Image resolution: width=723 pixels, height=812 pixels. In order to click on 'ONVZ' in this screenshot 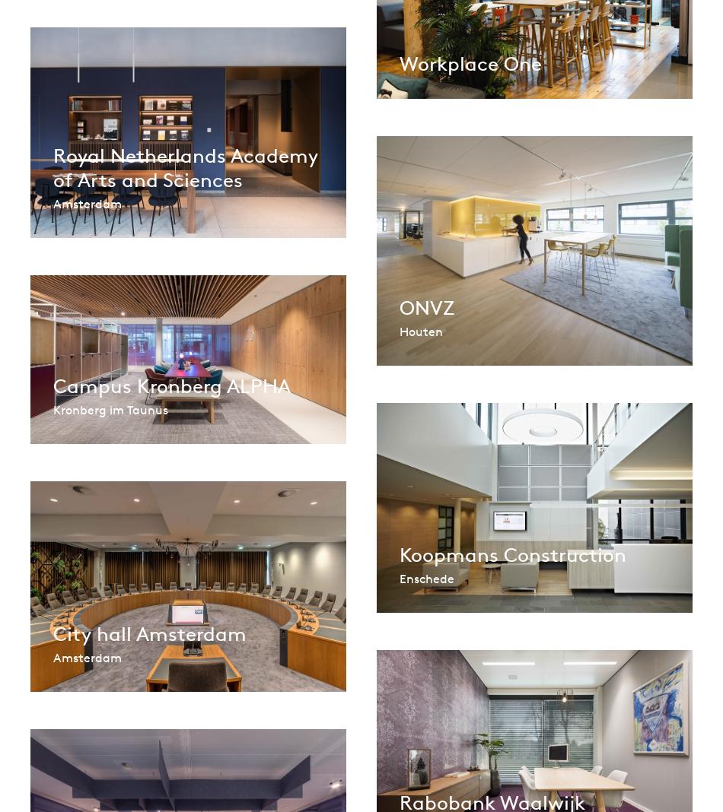, I will do `click(426, 307)`.